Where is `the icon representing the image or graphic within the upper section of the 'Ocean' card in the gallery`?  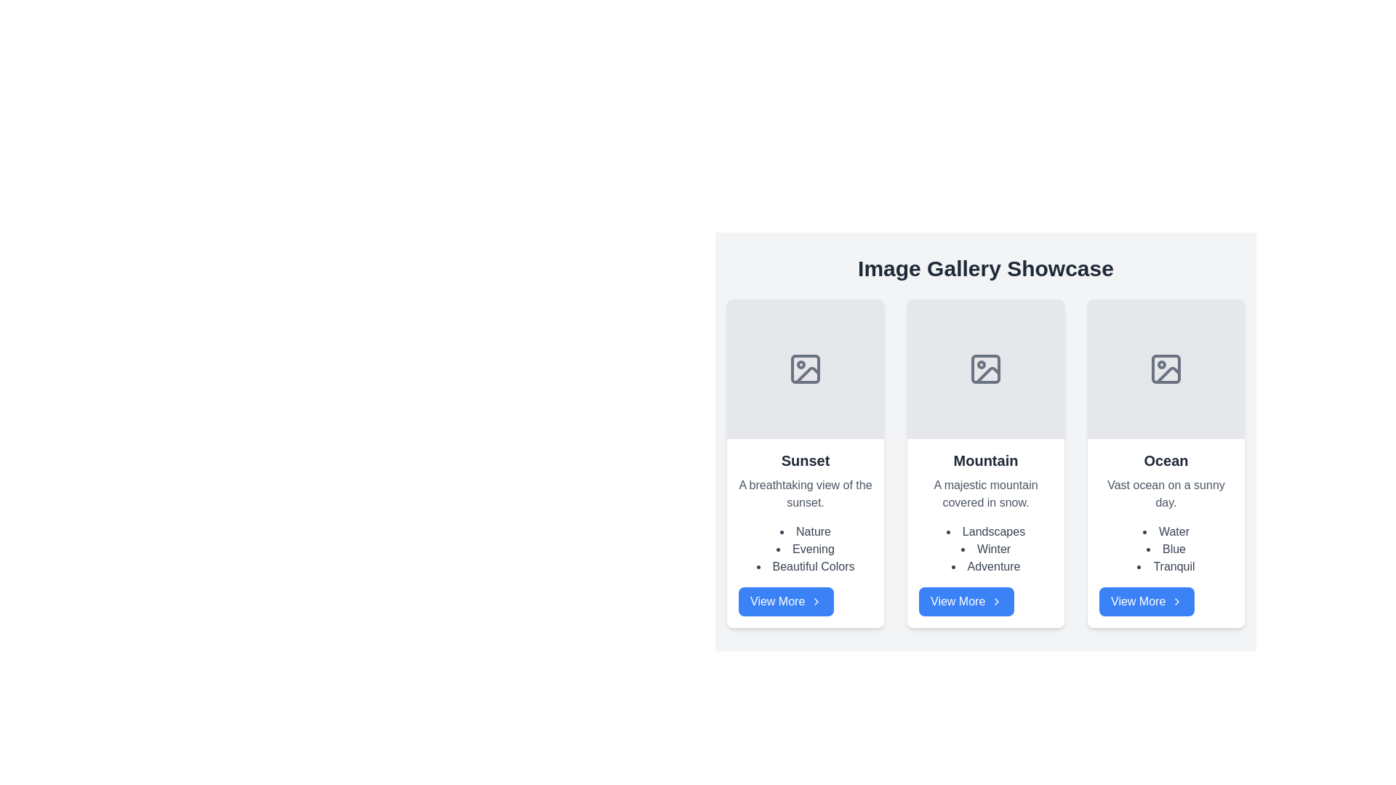
the icon representing the image or graphic within the upper section of the 'Ocean' card in the gallery is located at coordinates (1166, 369).